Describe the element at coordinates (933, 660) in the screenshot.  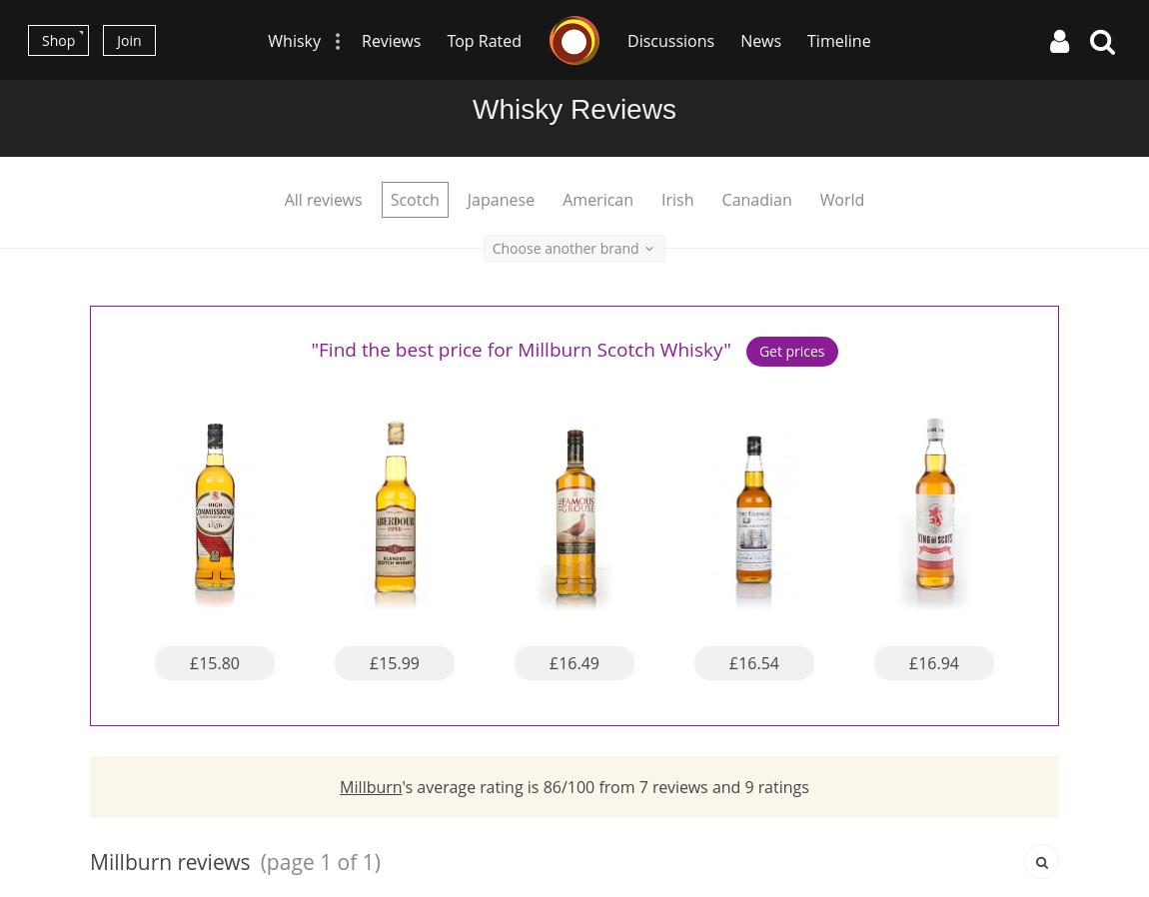
I see `'£16.94'` at that location.